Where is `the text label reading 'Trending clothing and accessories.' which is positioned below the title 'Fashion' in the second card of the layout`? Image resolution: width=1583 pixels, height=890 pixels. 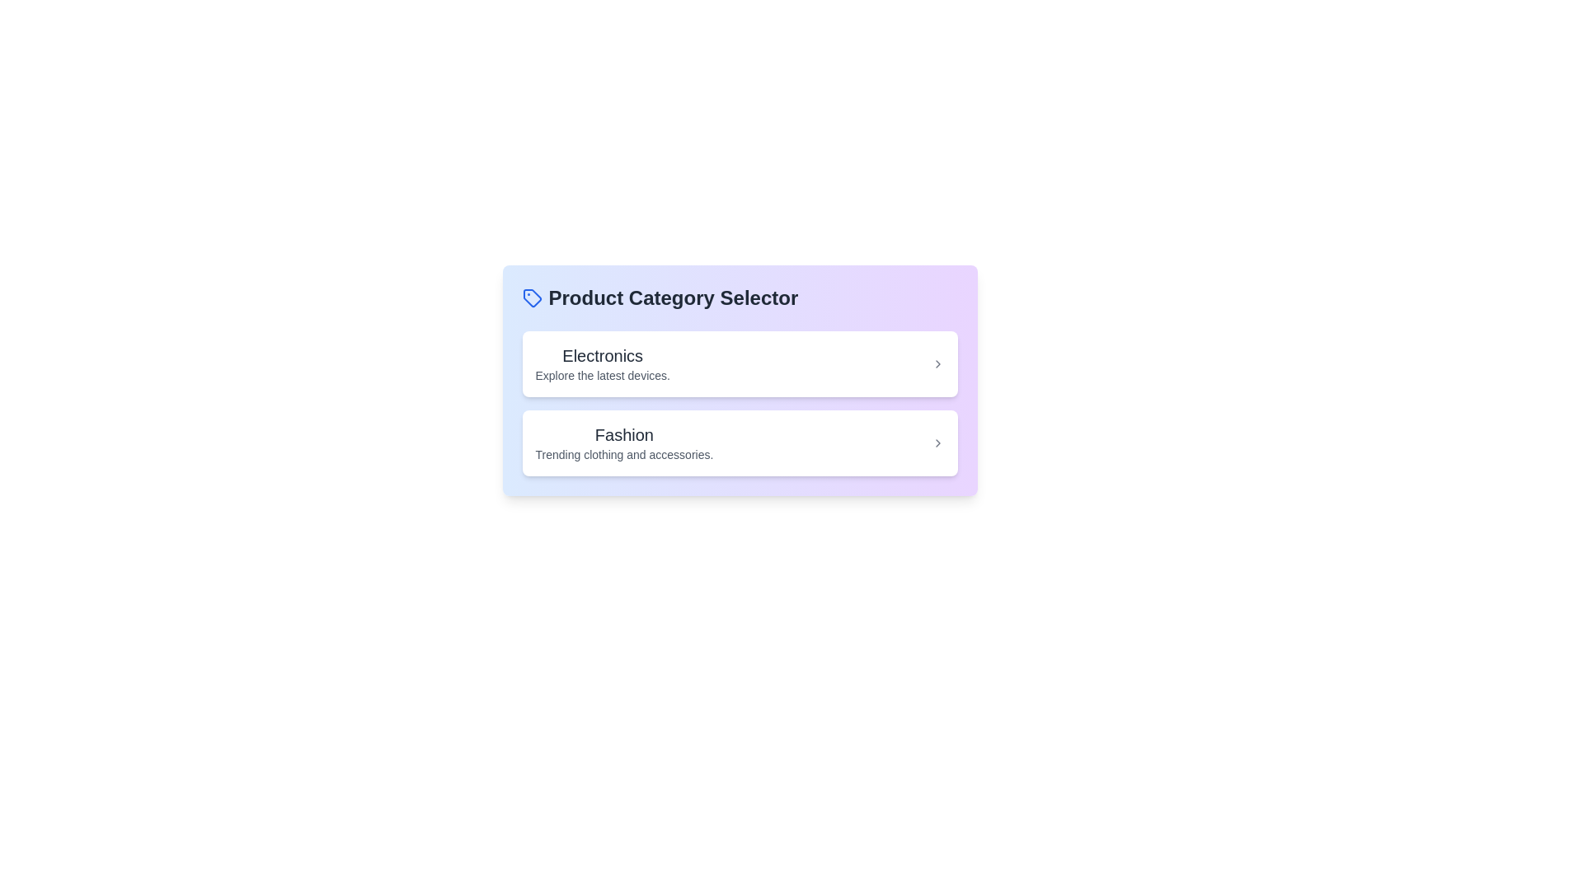 the text label reading 'Trending clothing and accessories.' which is positioned below the title 'Fashion' in the second card of the layout is located at coordinates (623, 454).